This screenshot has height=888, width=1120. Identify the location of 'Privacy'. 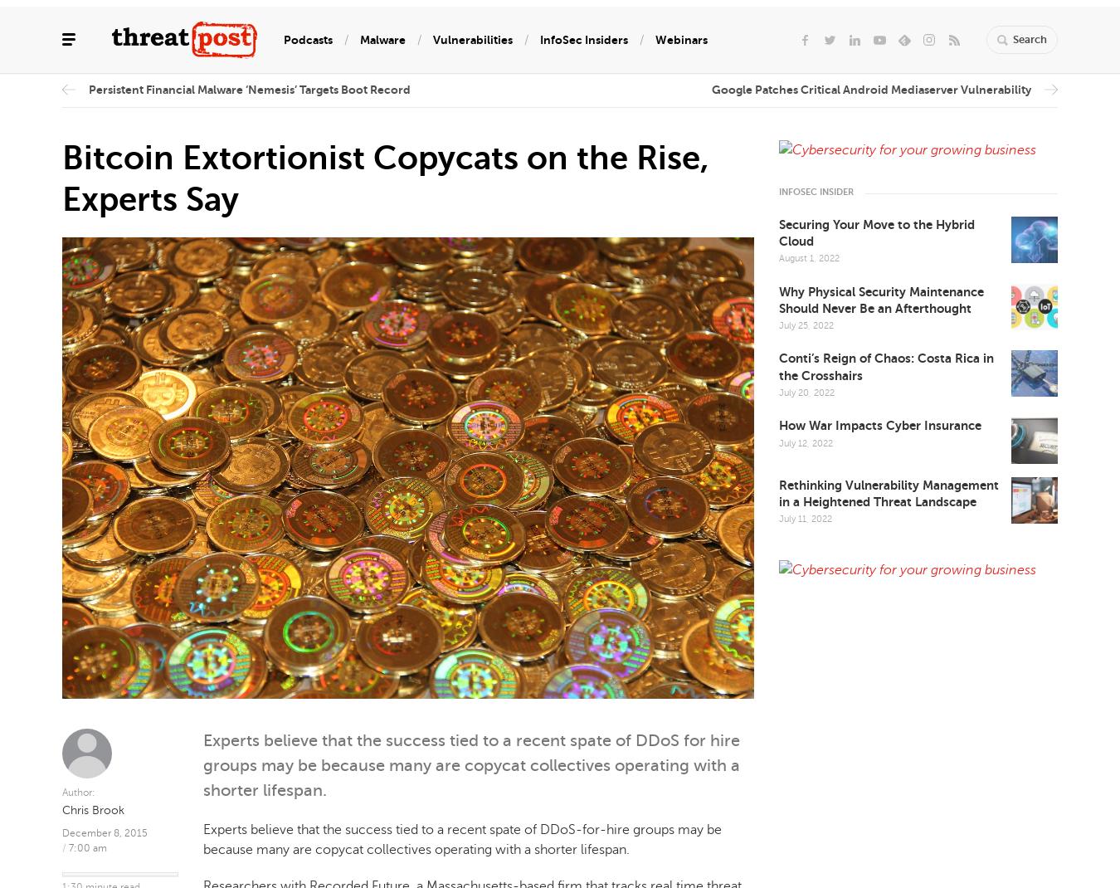
(336, 148).